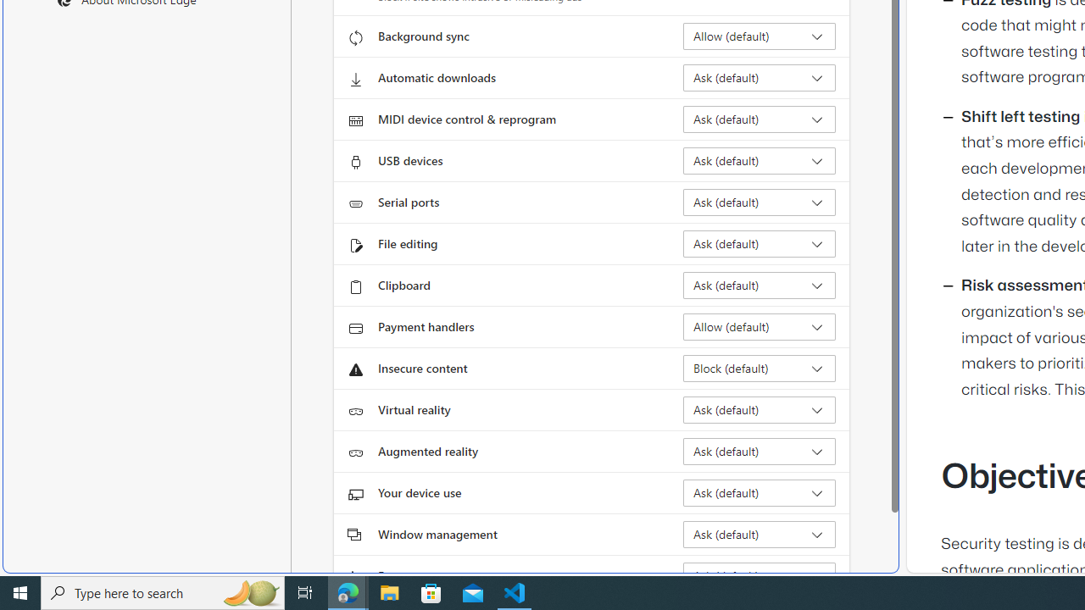 The width and height of the screenshot is (1085, 610). What do you see at coordinates (759, 326) in the screenshot?
I see `'Payment handlers Allow (default)'` at bounding box center [759, 326].